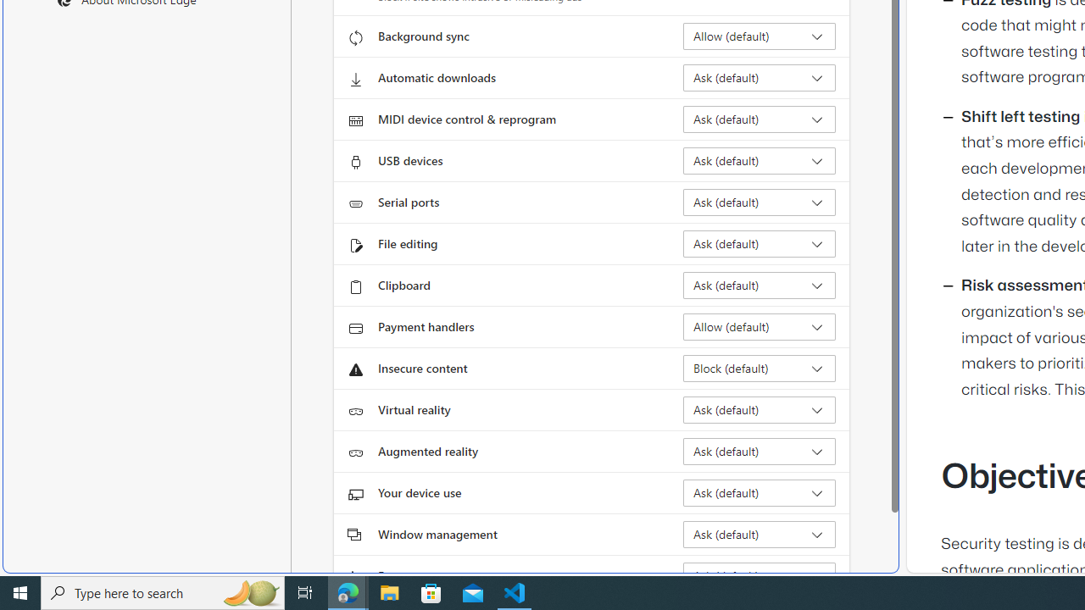 The width and height of the screenshot is (1085, 610). What do you see at coordinates (759, 326) in the screenshot?
I see `'Payment handlers Allow (default)'` at bounding box center [759, 326].